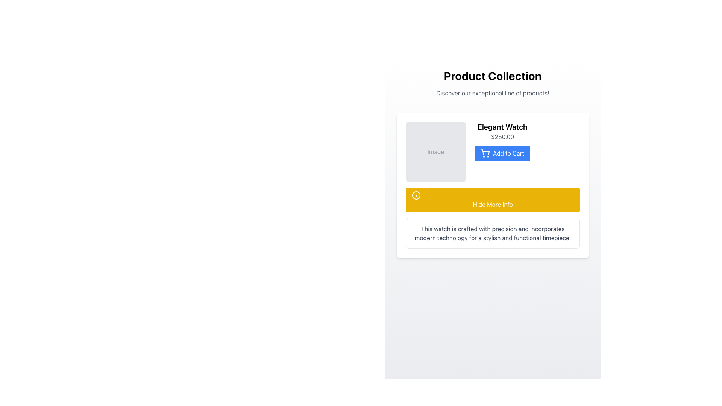 The width and height of the screenshot is (722, 406). Describe the element at coordinates (485, 153) in the screenshot. I see `the decorative icon that indicates the function of the 'Add to Cart' button, which is positioned directly to the left of the button's text` at that location.